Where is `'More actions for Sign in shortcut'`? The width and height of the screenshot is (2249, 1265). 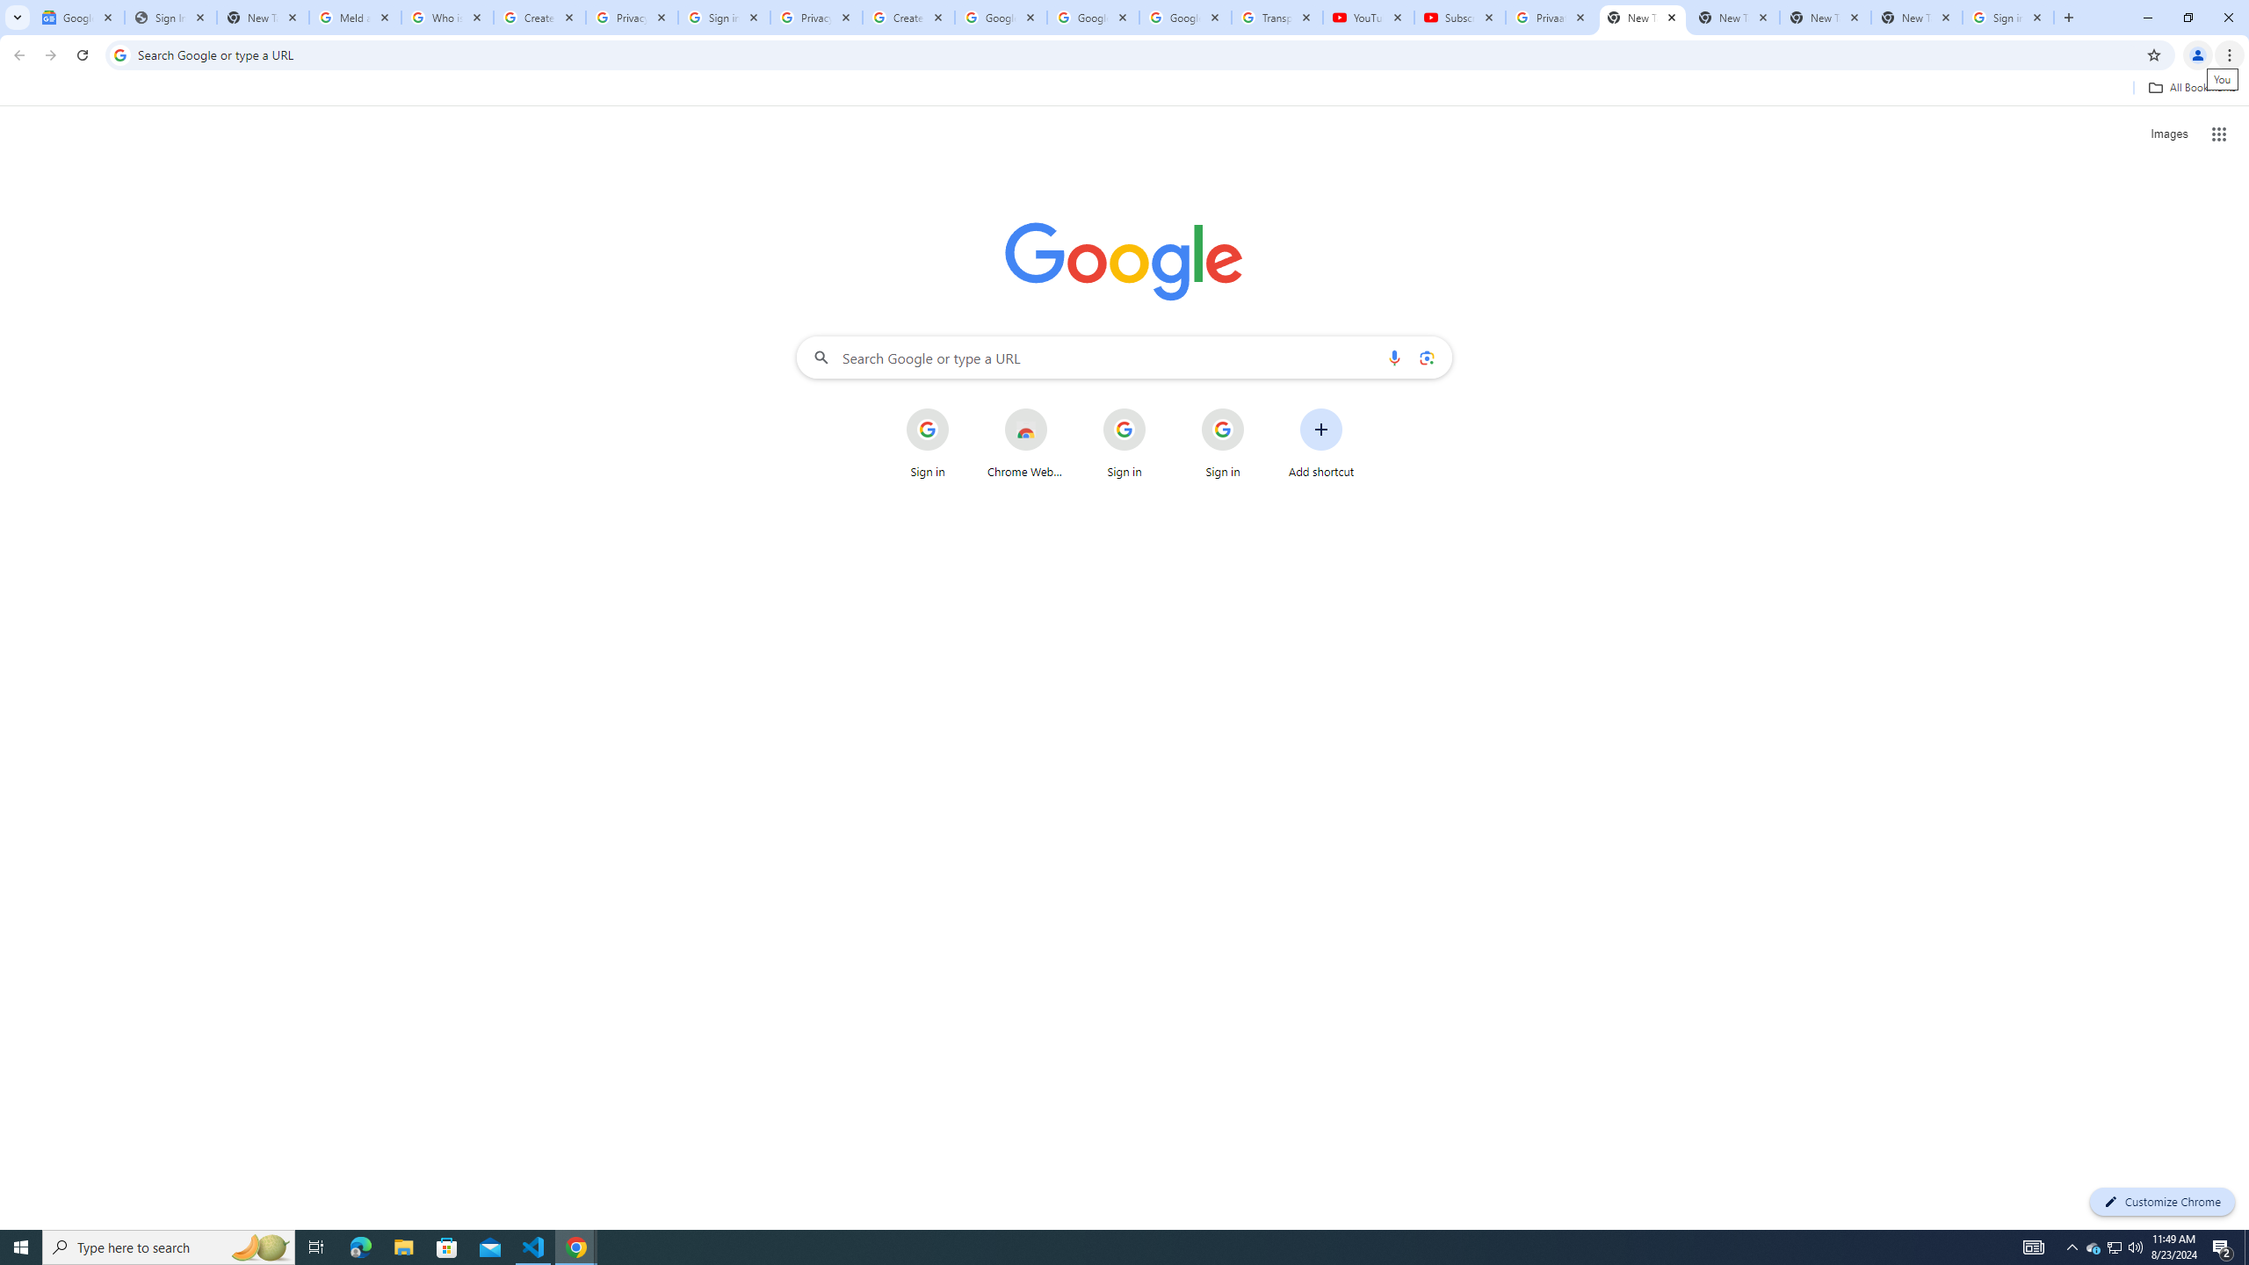
'More actions for Sign in shortcut' is located at coordinates (1257, 410).